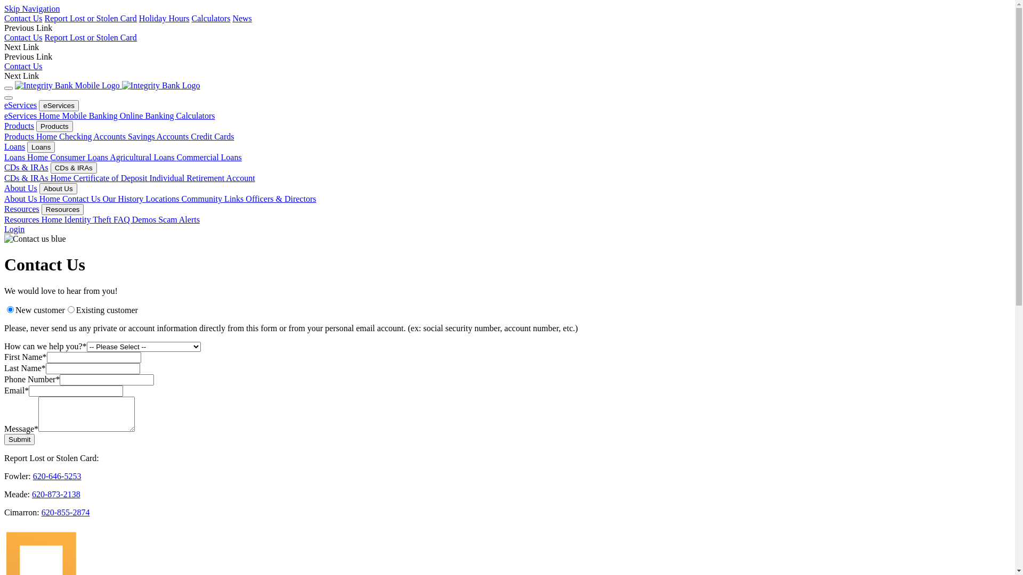 This screenshot has height=575, width=1023. I want to click on 'FAQ', so click(123, 219).